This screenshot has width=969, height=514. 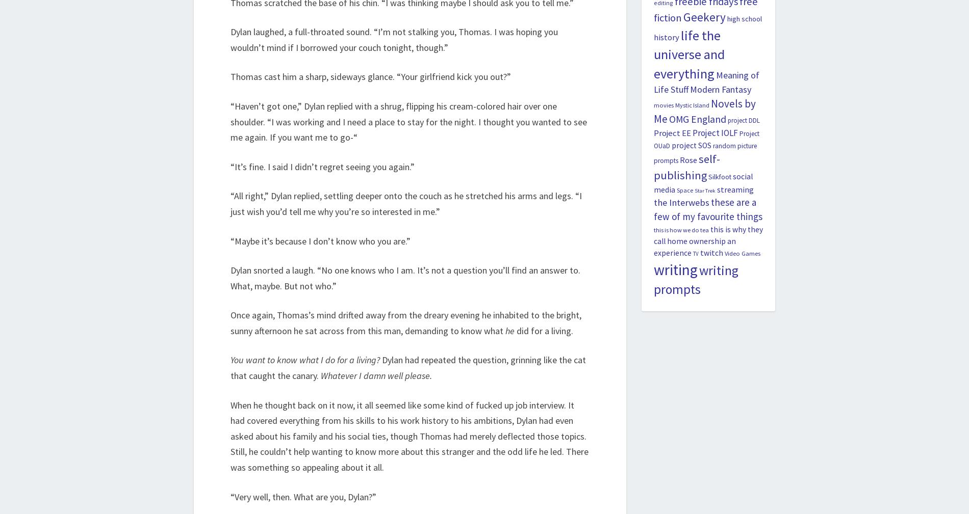 I want to click on 'random picture prompts', so click(x=704, y=153).